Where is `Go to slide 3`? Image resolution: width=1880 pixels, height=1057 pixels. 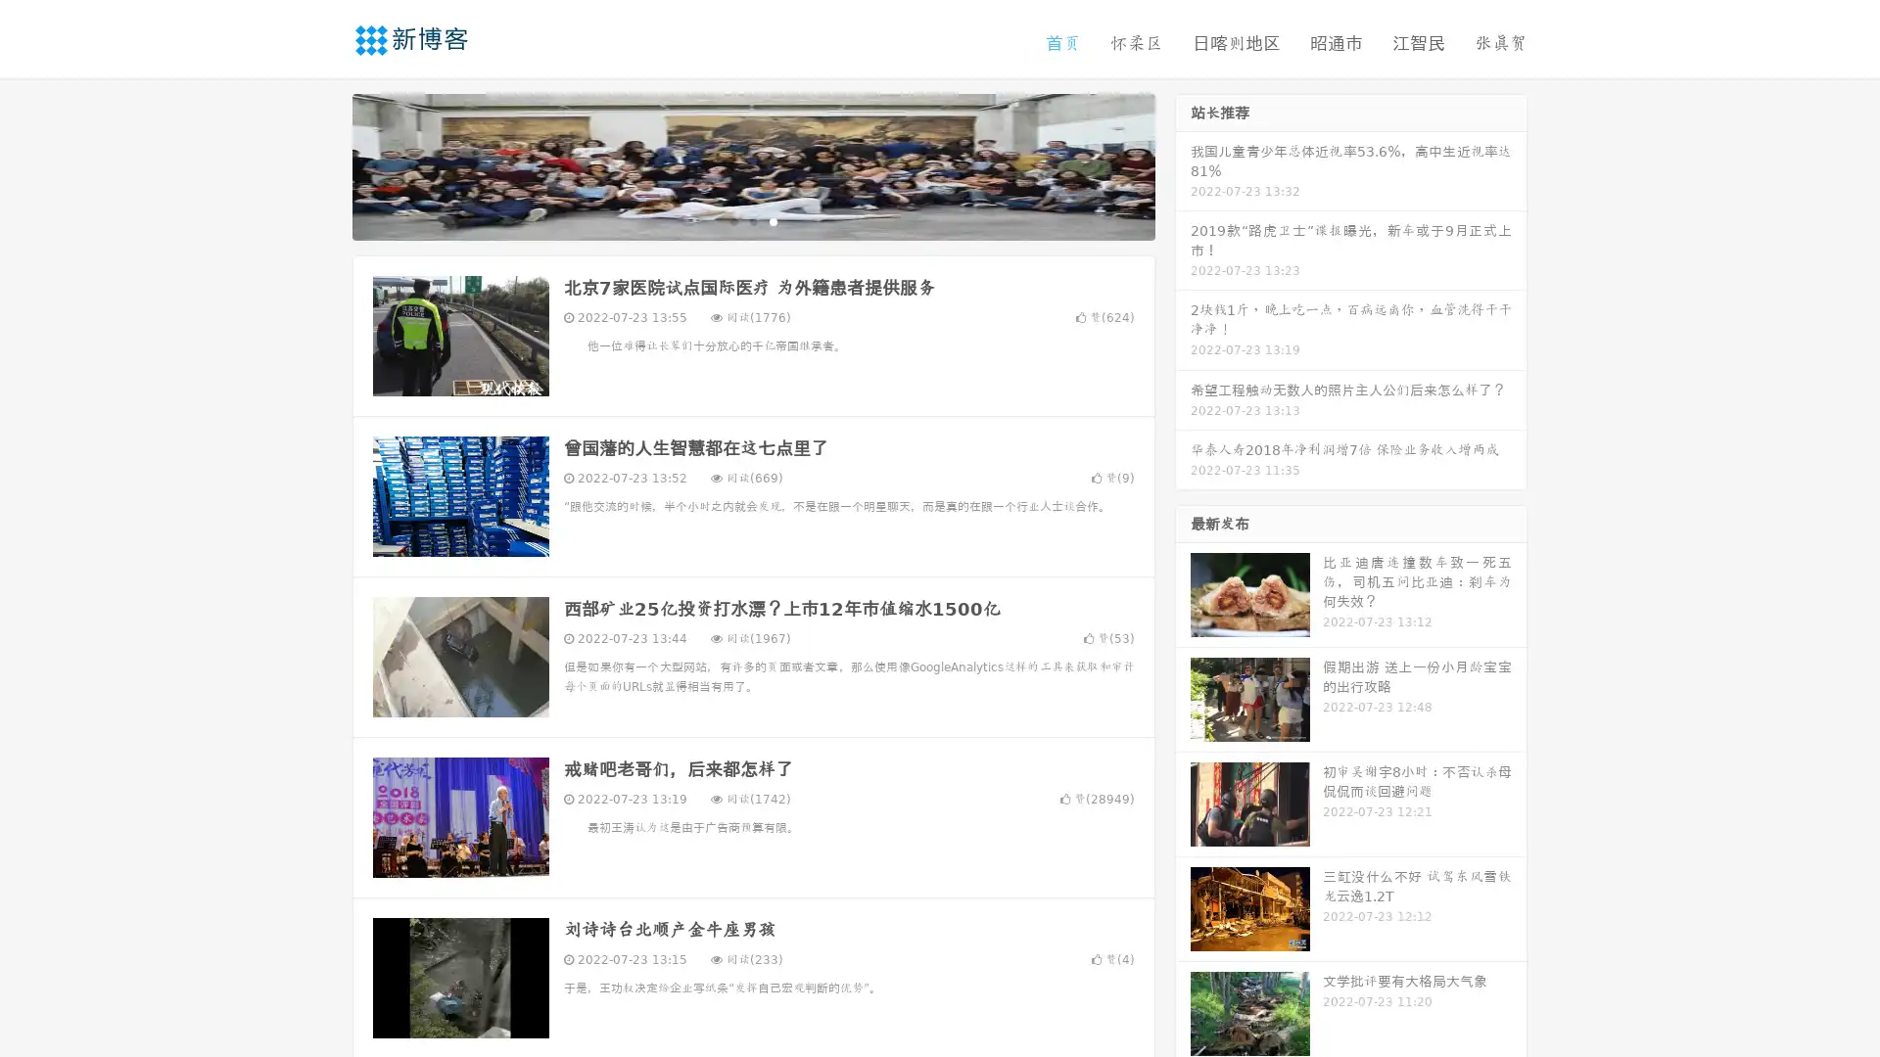 Go to slide 3 is located at coordinates (773, 220).